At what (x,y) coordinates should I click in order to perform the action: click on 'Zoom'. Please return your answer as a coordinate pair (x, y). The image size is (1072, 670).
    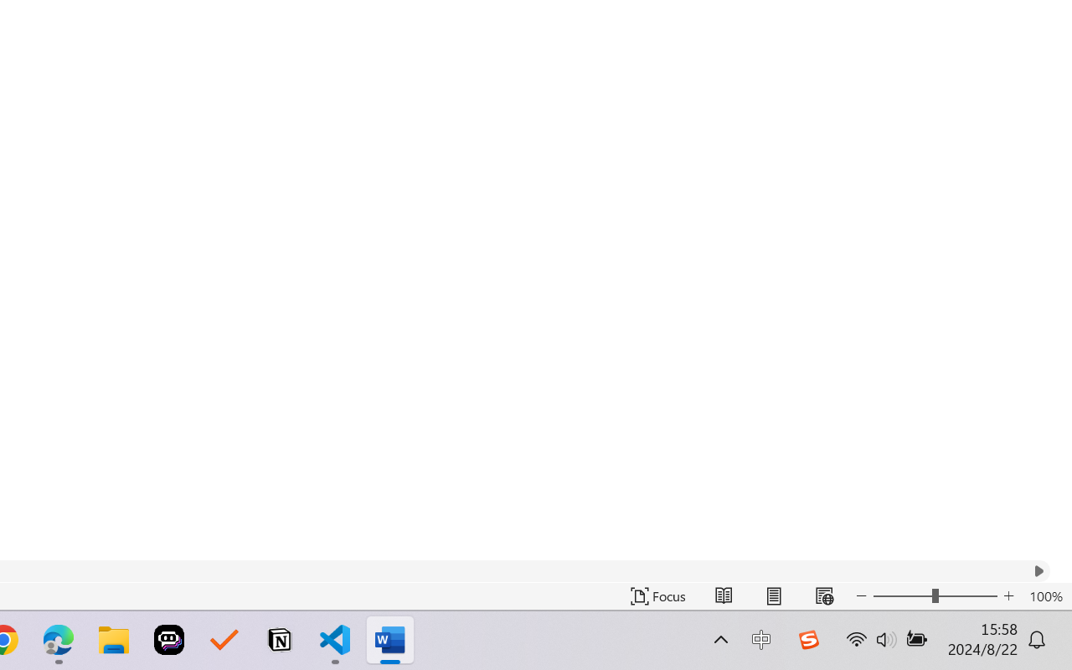
    Looking at the image, I should click on (934, 595).